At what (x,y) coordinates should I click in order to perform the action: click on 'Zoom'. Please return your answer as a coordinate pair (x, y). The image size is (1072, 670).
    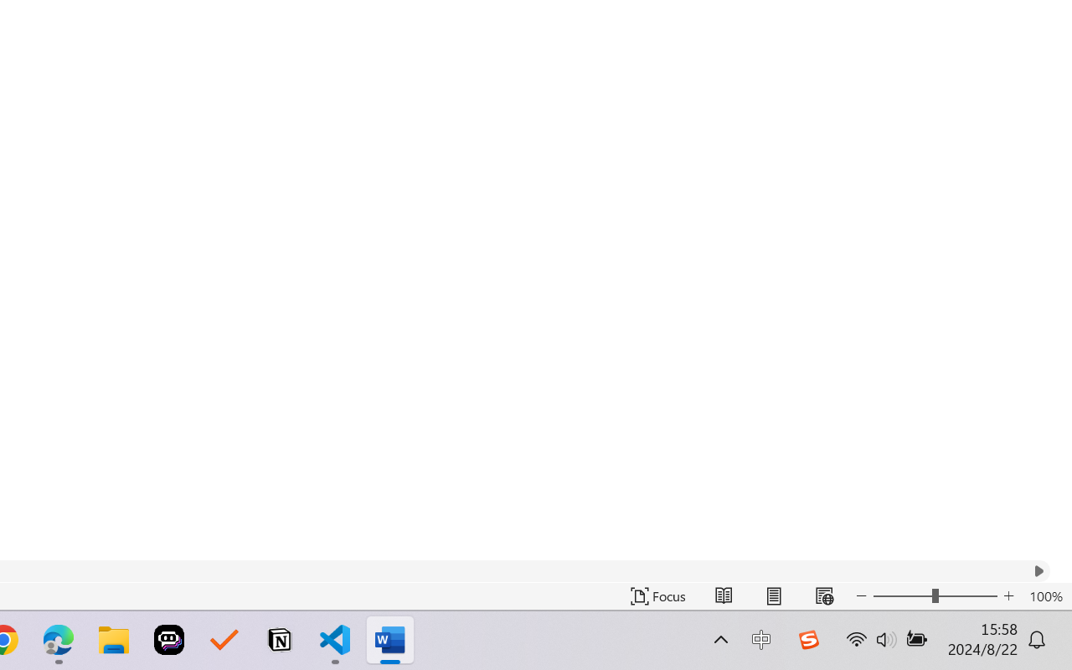
    Looking at the image, I should click on (934, 595).